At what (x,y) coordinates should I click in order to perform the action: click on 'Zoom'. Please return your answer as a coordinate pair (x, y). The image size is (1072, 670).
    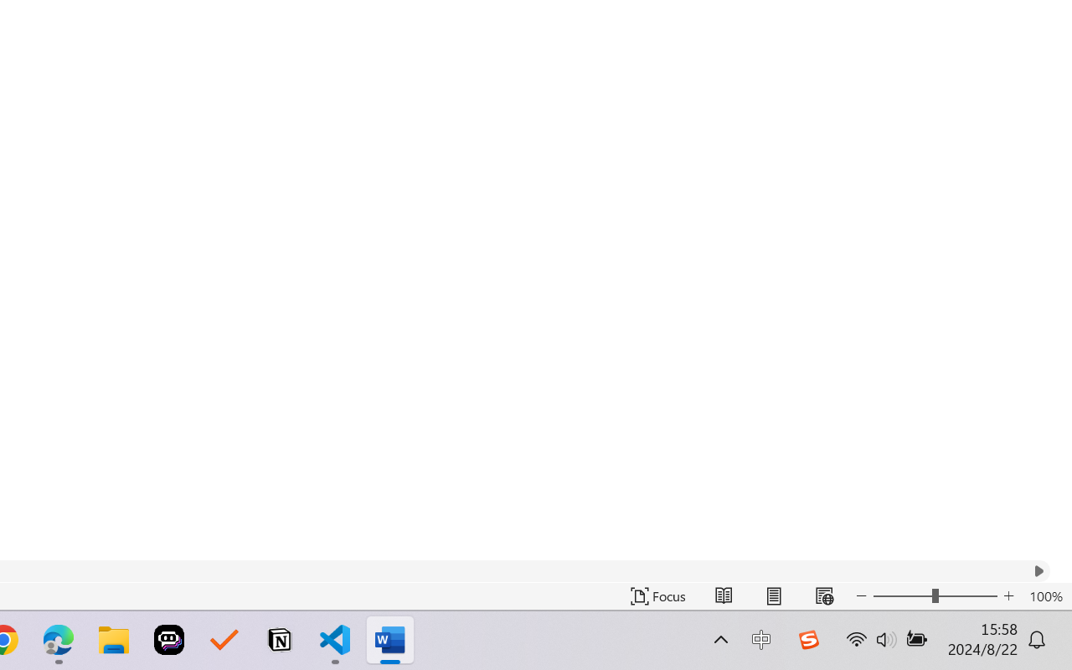
    Looking at the image, I should click on (934, 595).